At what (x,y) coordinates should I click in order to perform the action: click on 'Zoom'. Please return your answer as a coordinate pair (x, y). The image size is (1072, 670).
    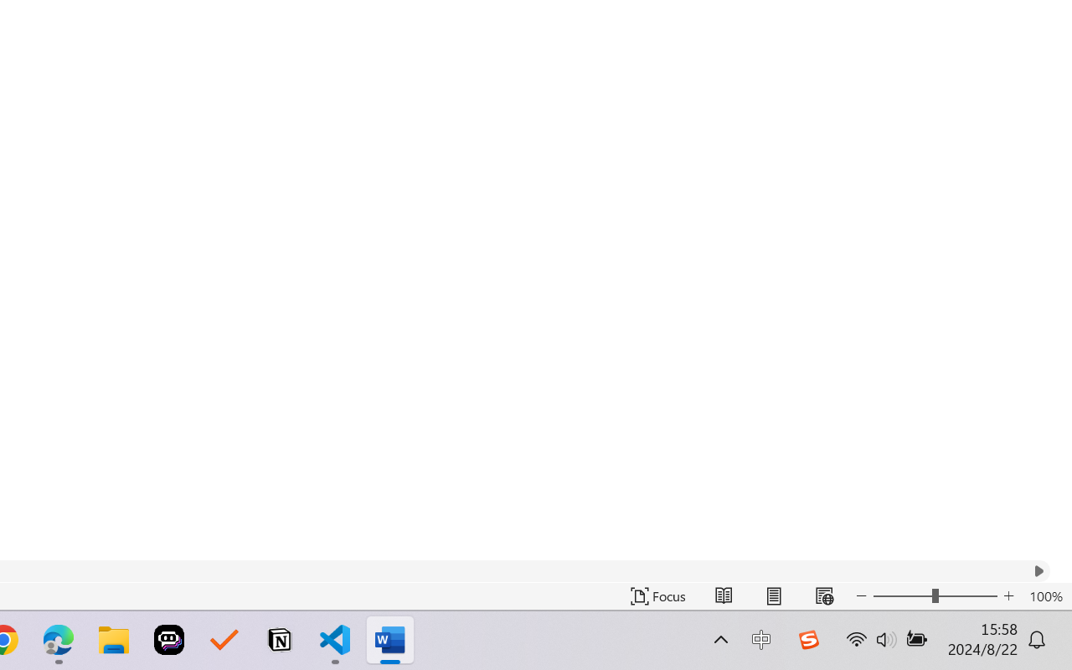
    Looking at the image, I should click on (934, 595).